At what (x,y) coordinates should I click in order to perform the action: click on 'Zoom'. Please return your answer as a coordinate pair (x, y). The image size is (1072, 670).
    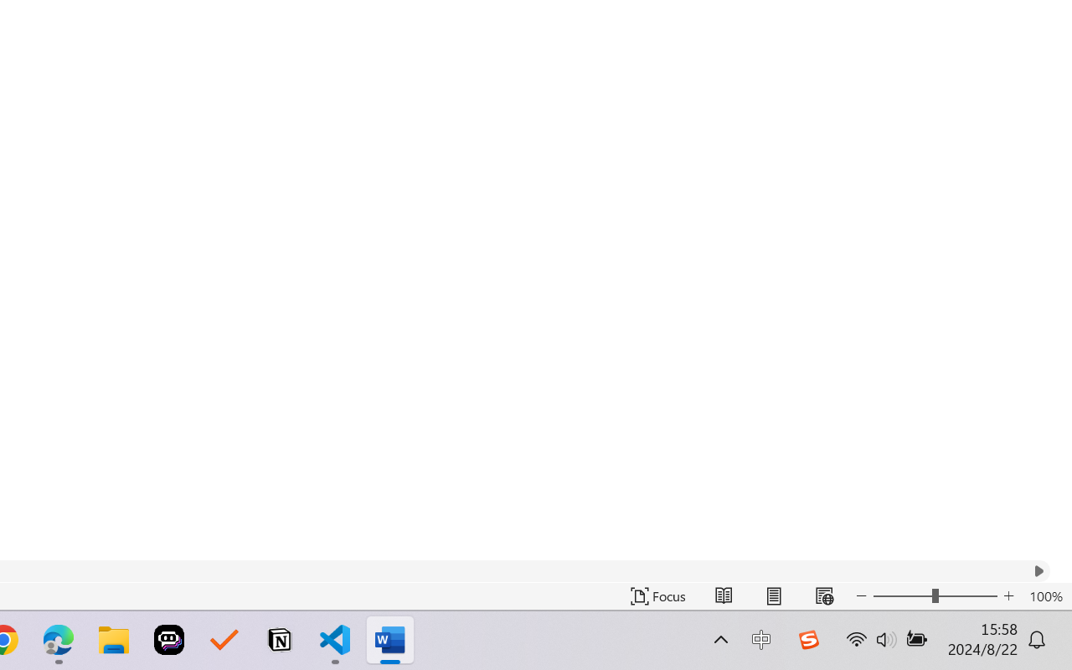
    Looking at the image, I should click on (934, 595).